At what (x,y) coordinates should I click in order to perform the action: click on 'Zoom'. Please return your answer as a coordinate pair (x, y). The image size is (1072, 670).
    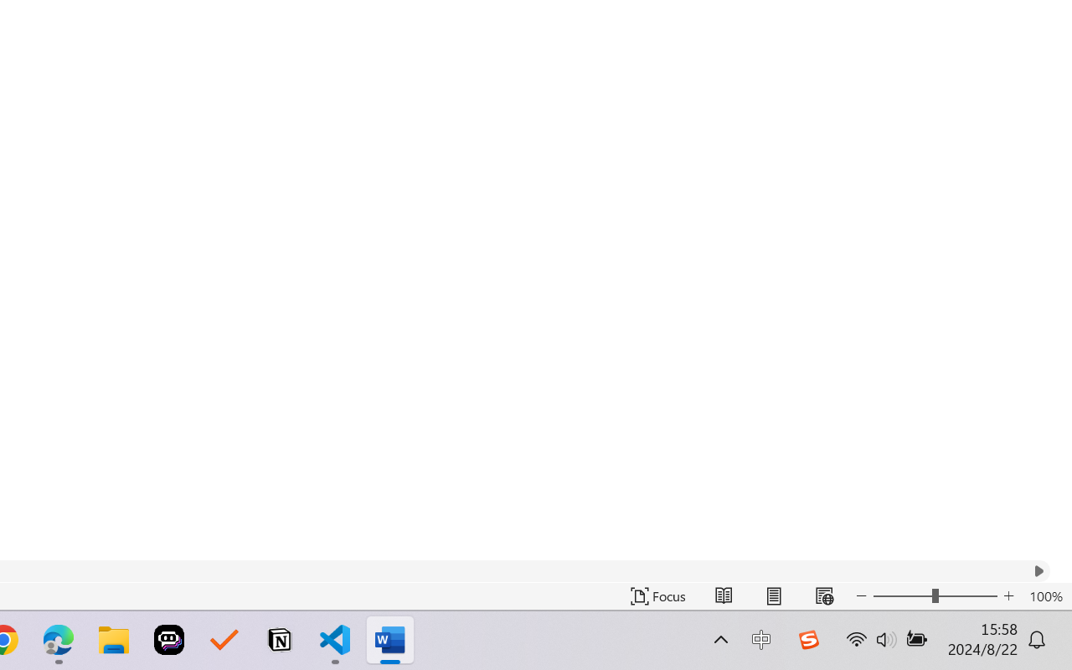
    Looking at the image, I should click on (934, 595).